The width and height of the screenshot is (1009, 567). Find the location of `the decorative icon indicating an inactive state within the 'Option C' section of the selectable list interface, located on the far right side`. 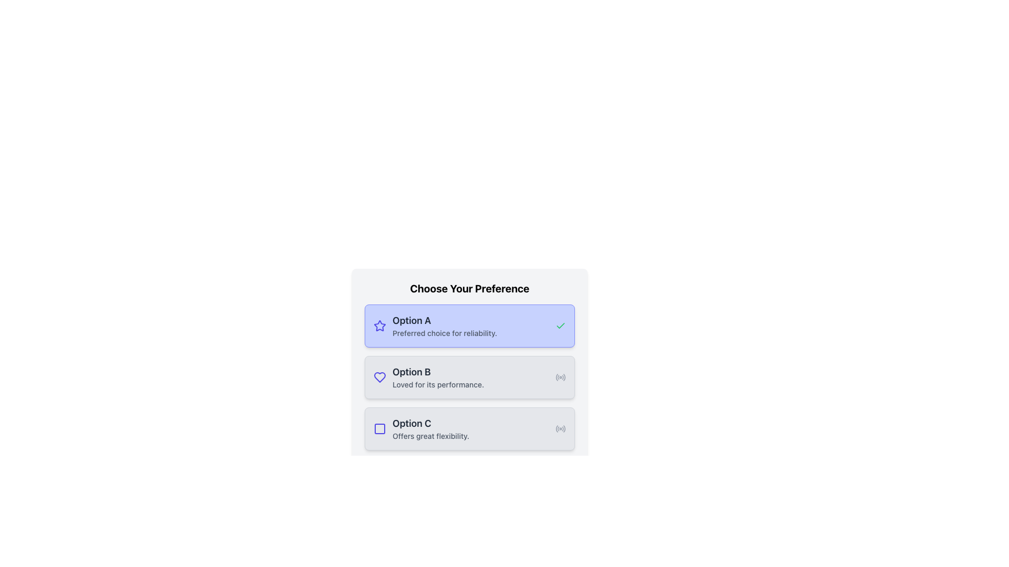

the decorative icon indicating an inactive state within the 'Option C' section of the selectable list interface, located on the far right side is located at coordinates (560, 429).